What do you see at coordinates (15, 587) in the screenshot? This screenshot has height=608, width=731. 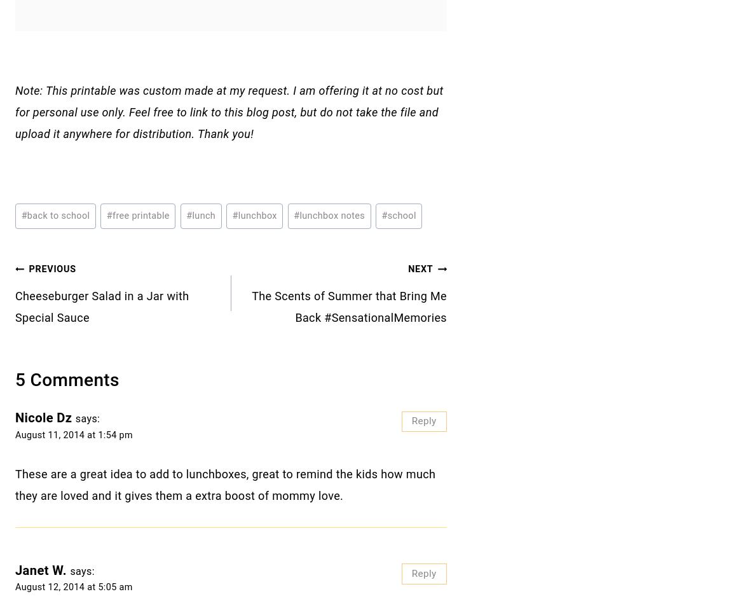 I see `'August 12, 2014 at 5:05 am'` at bounding box center [15, 587].